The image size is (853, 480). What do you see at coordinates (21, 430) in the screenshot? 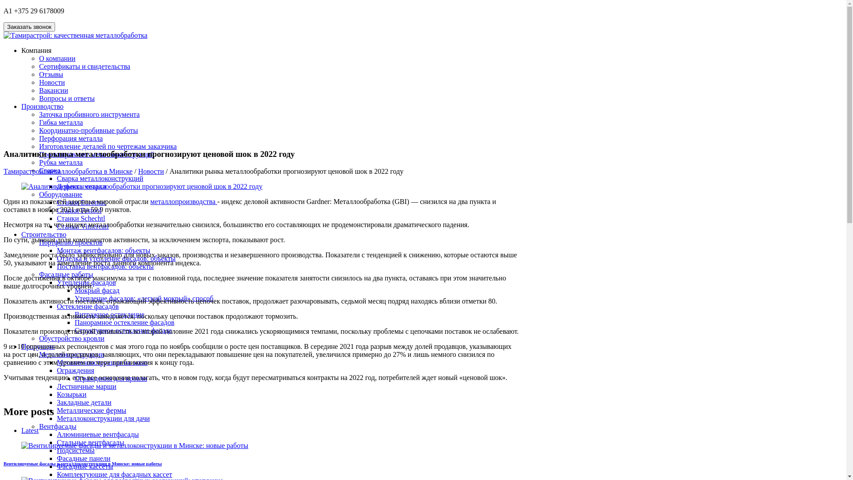
I see `'Latest'` at bounding box center [21, 430].